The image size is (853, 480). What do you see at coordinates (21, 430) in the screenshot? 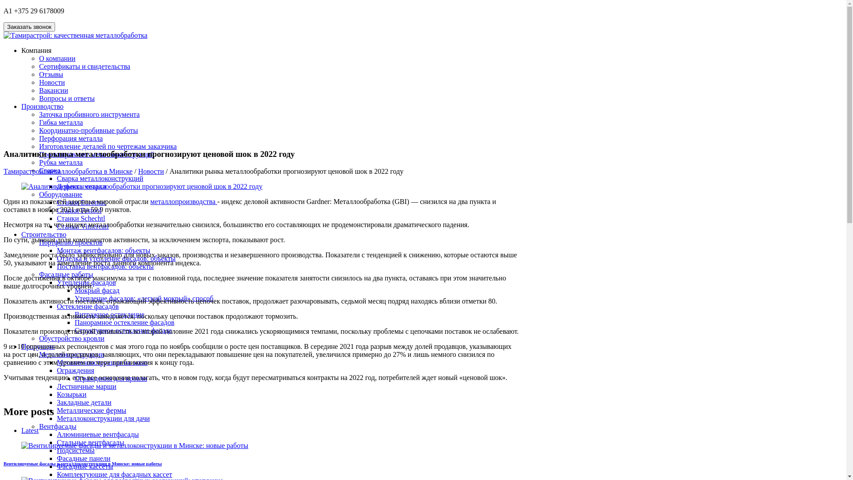
I see `'Latest'` at bounding box center [21, 430].